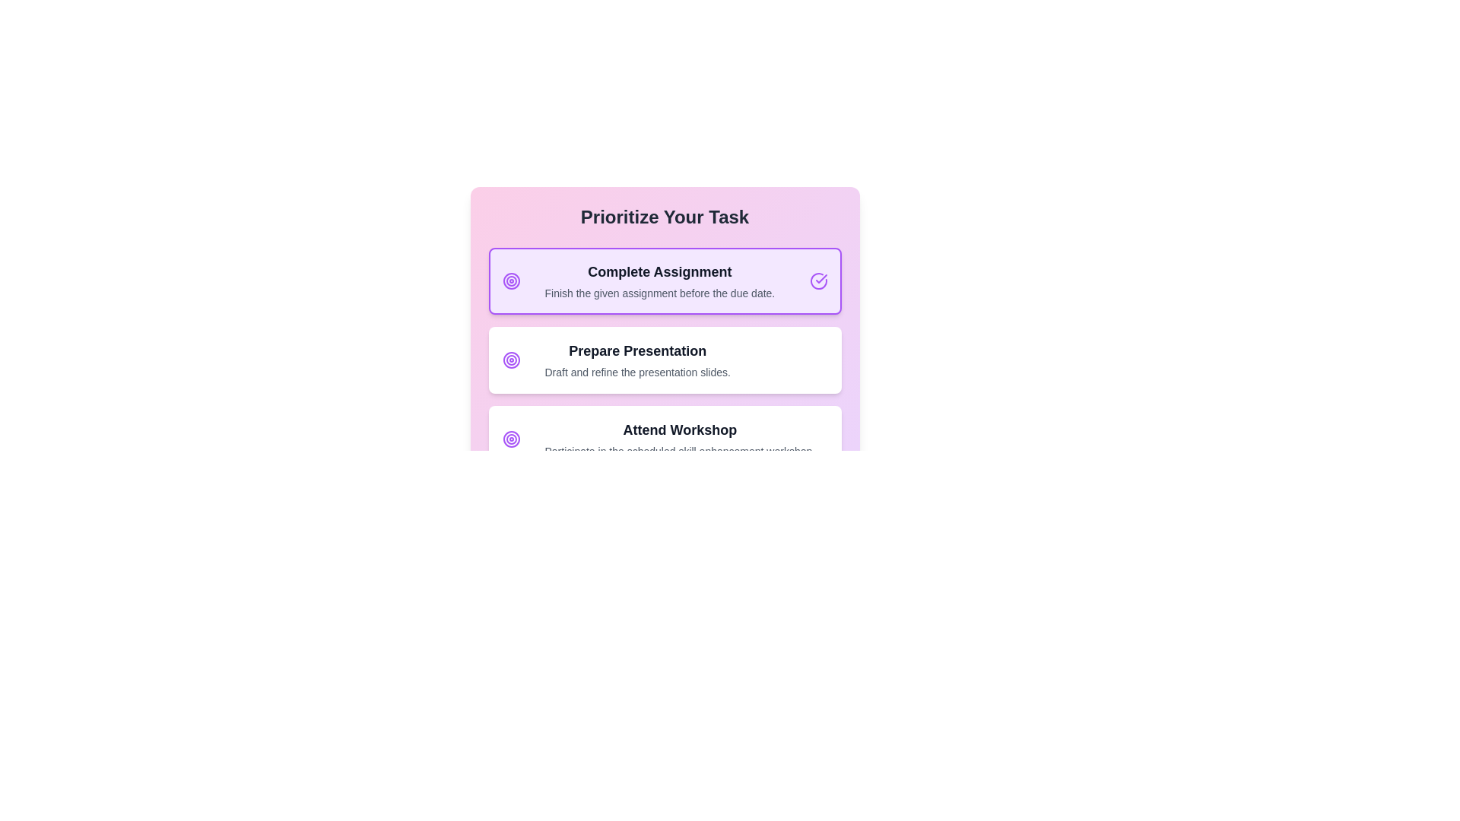 The image size is (1460, 821). I want to click on the circular purple icon with concentric rings, which is the first item in the left side of the task labeled 'Prepare Presentation', so click(511, 360).